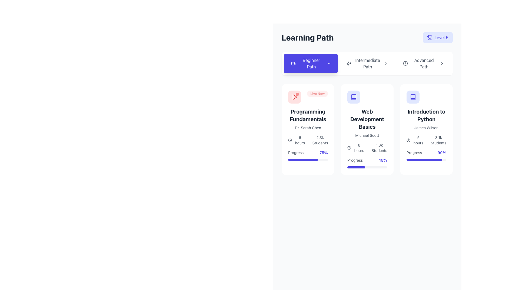  I want to click on the text label displaying '1.8k Students', which is located below '8 hours' in the card labeled 'Web Development Basics', so click(378, 148).